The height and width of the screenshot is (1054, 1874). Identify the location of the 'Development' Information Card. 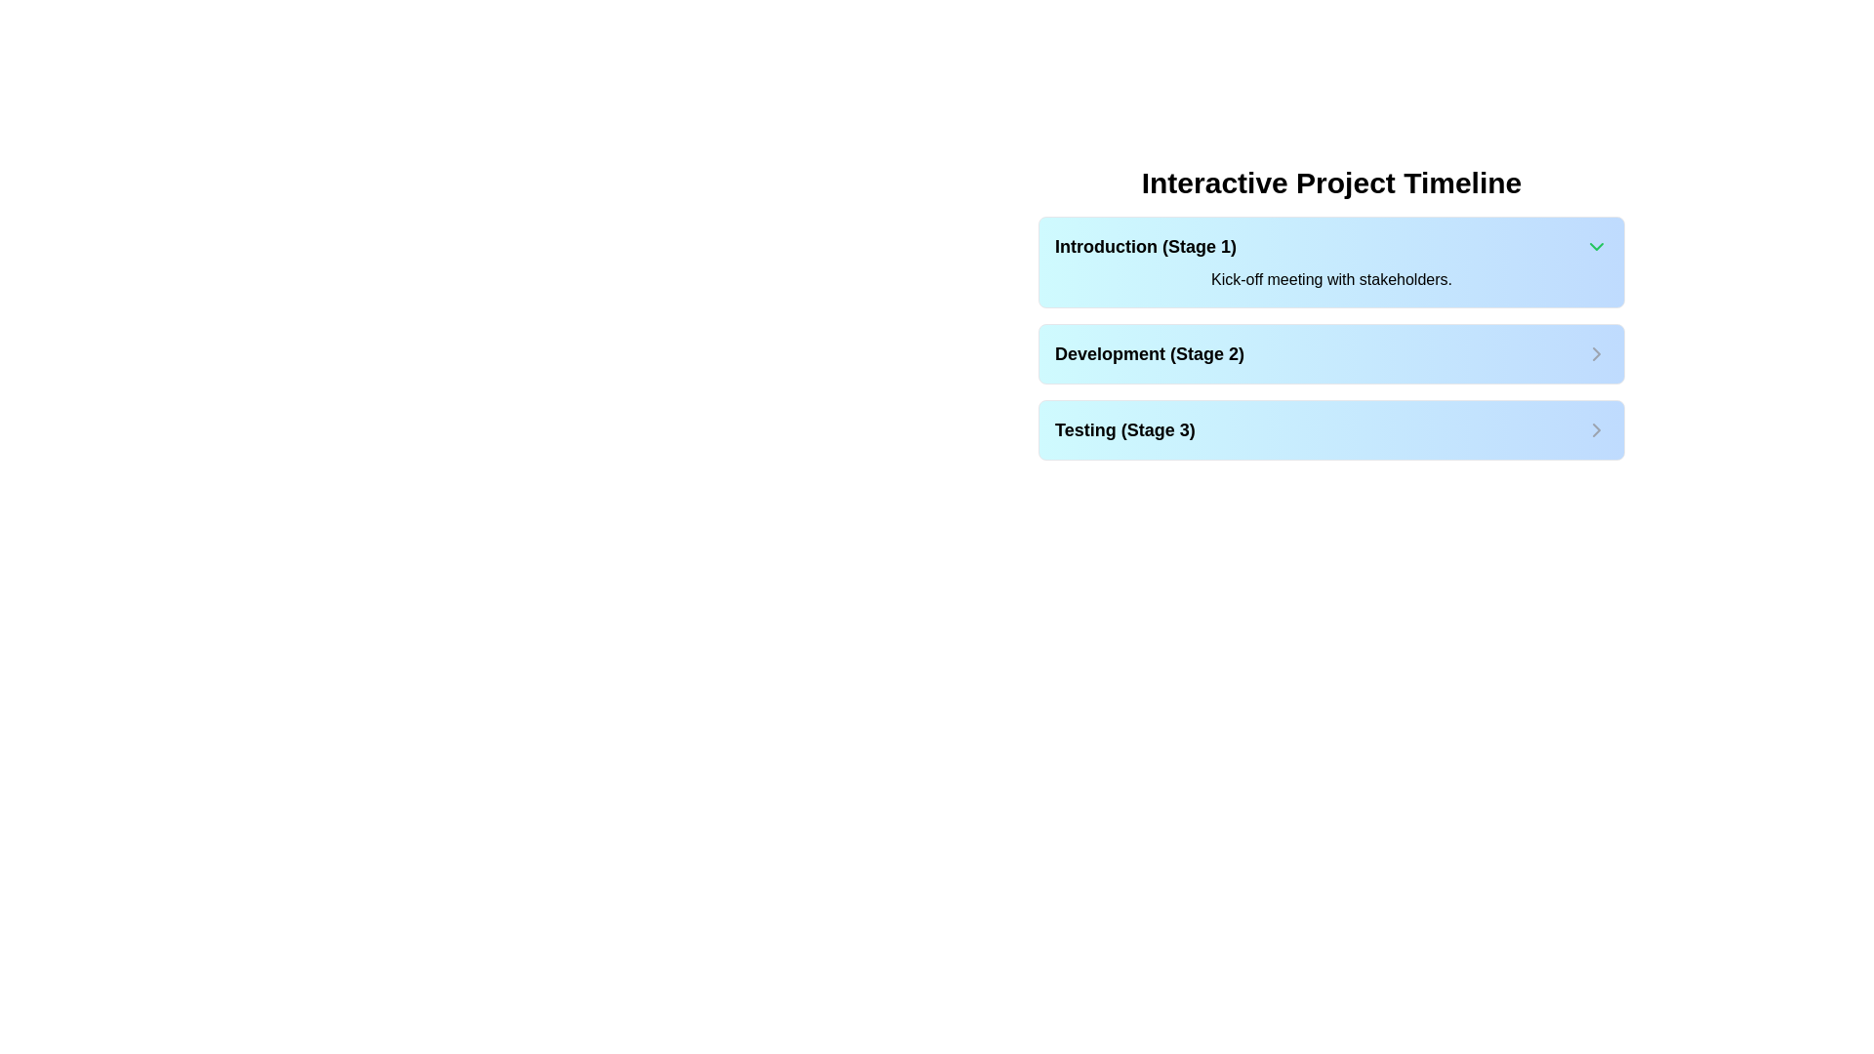
(1330, 338).